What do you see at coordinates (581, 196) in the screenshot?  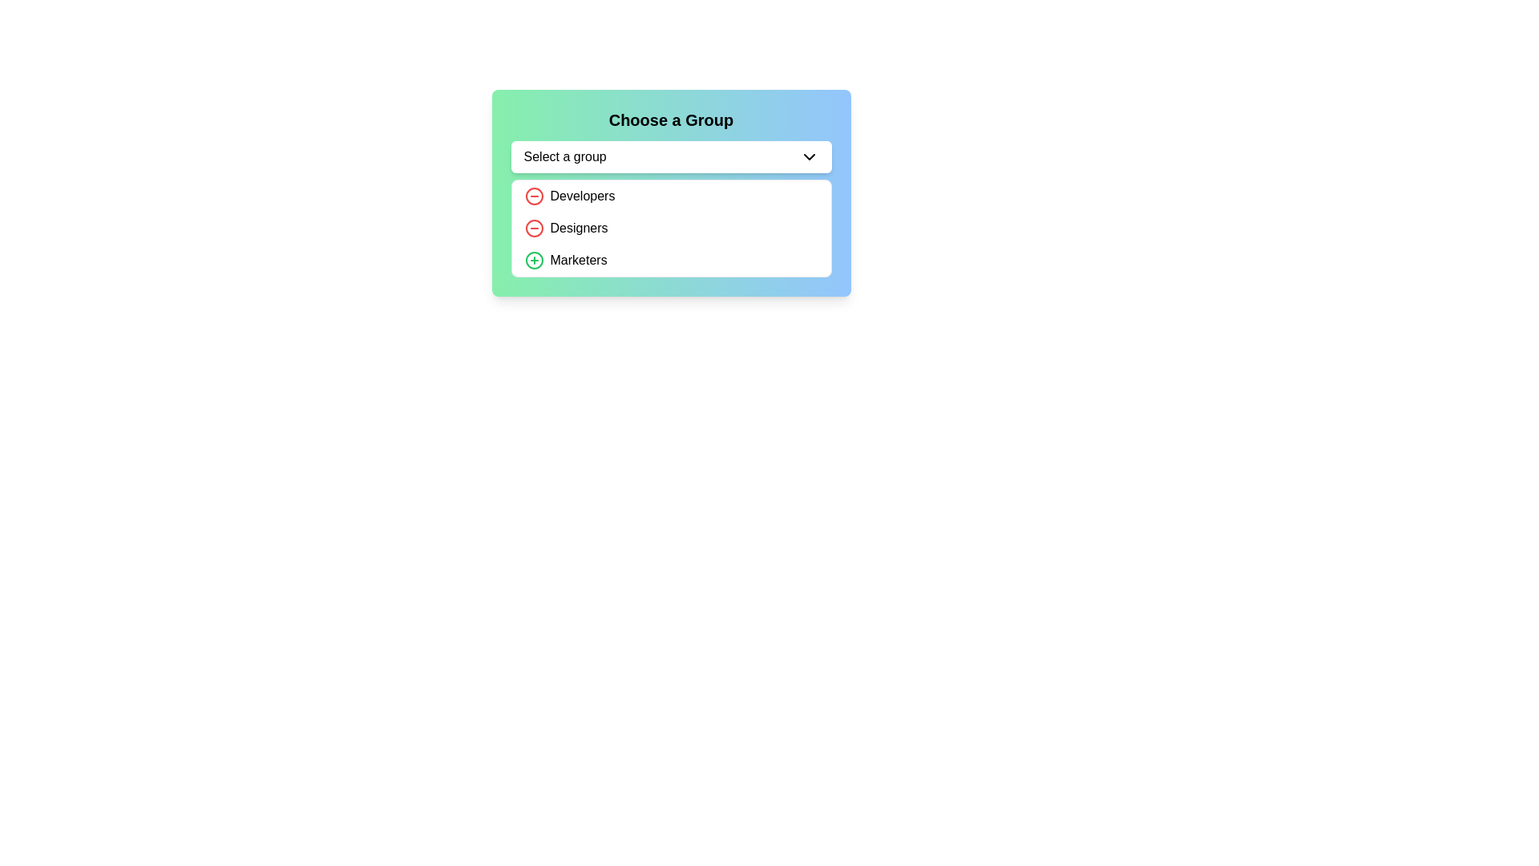 I see `text content of the 'Developers' label within the dropdown list, which is the second option and positioned below 'Choose a Group'` at bounding box center [581, 196].